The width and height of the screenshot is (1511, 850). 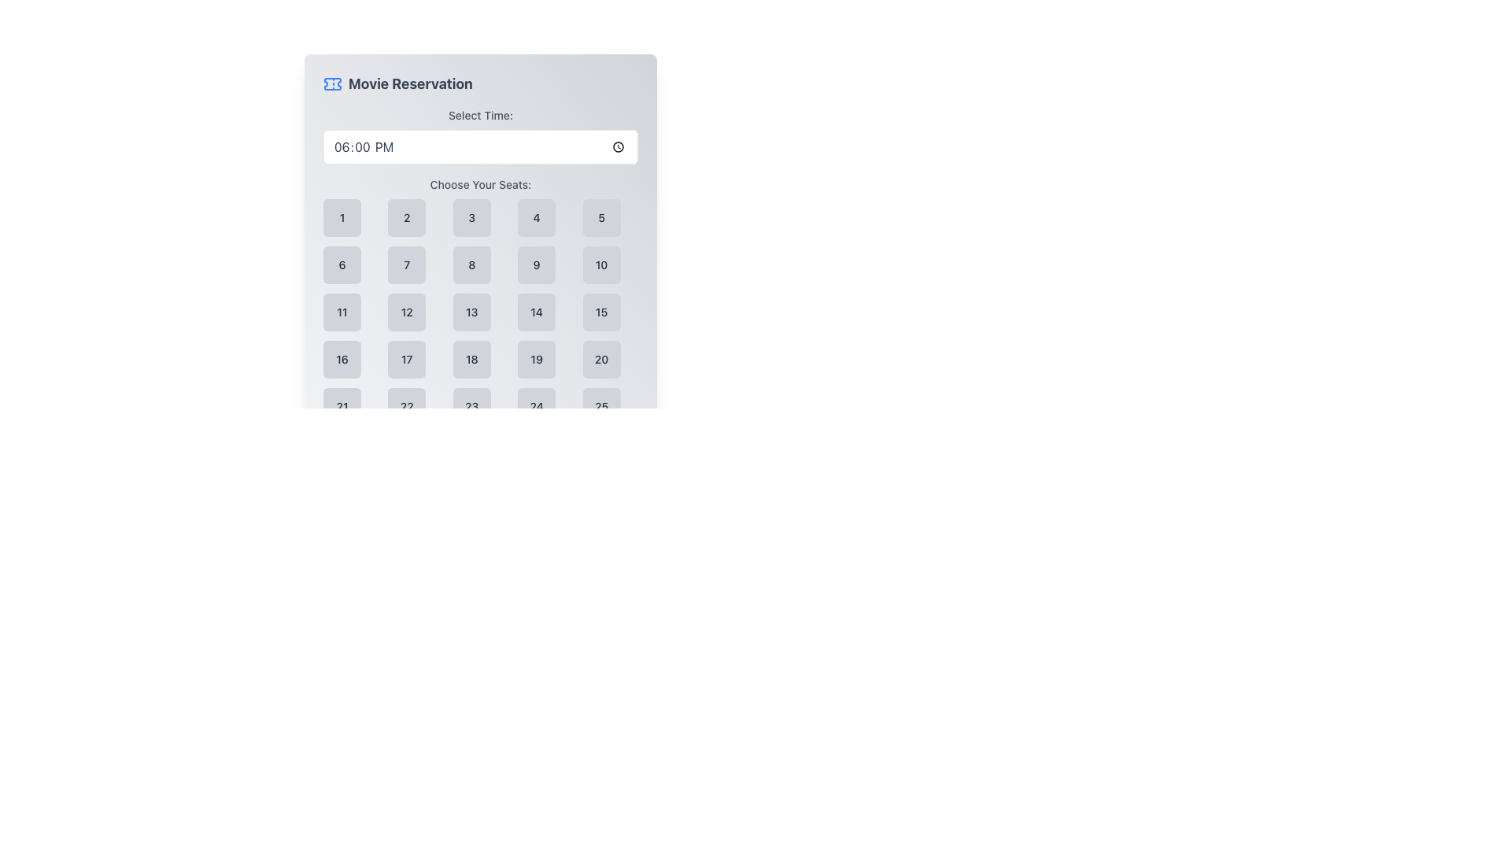 I want to click on the first selectable seat button in the 'Choose Your Seats' section, so click(x=342, y=218).